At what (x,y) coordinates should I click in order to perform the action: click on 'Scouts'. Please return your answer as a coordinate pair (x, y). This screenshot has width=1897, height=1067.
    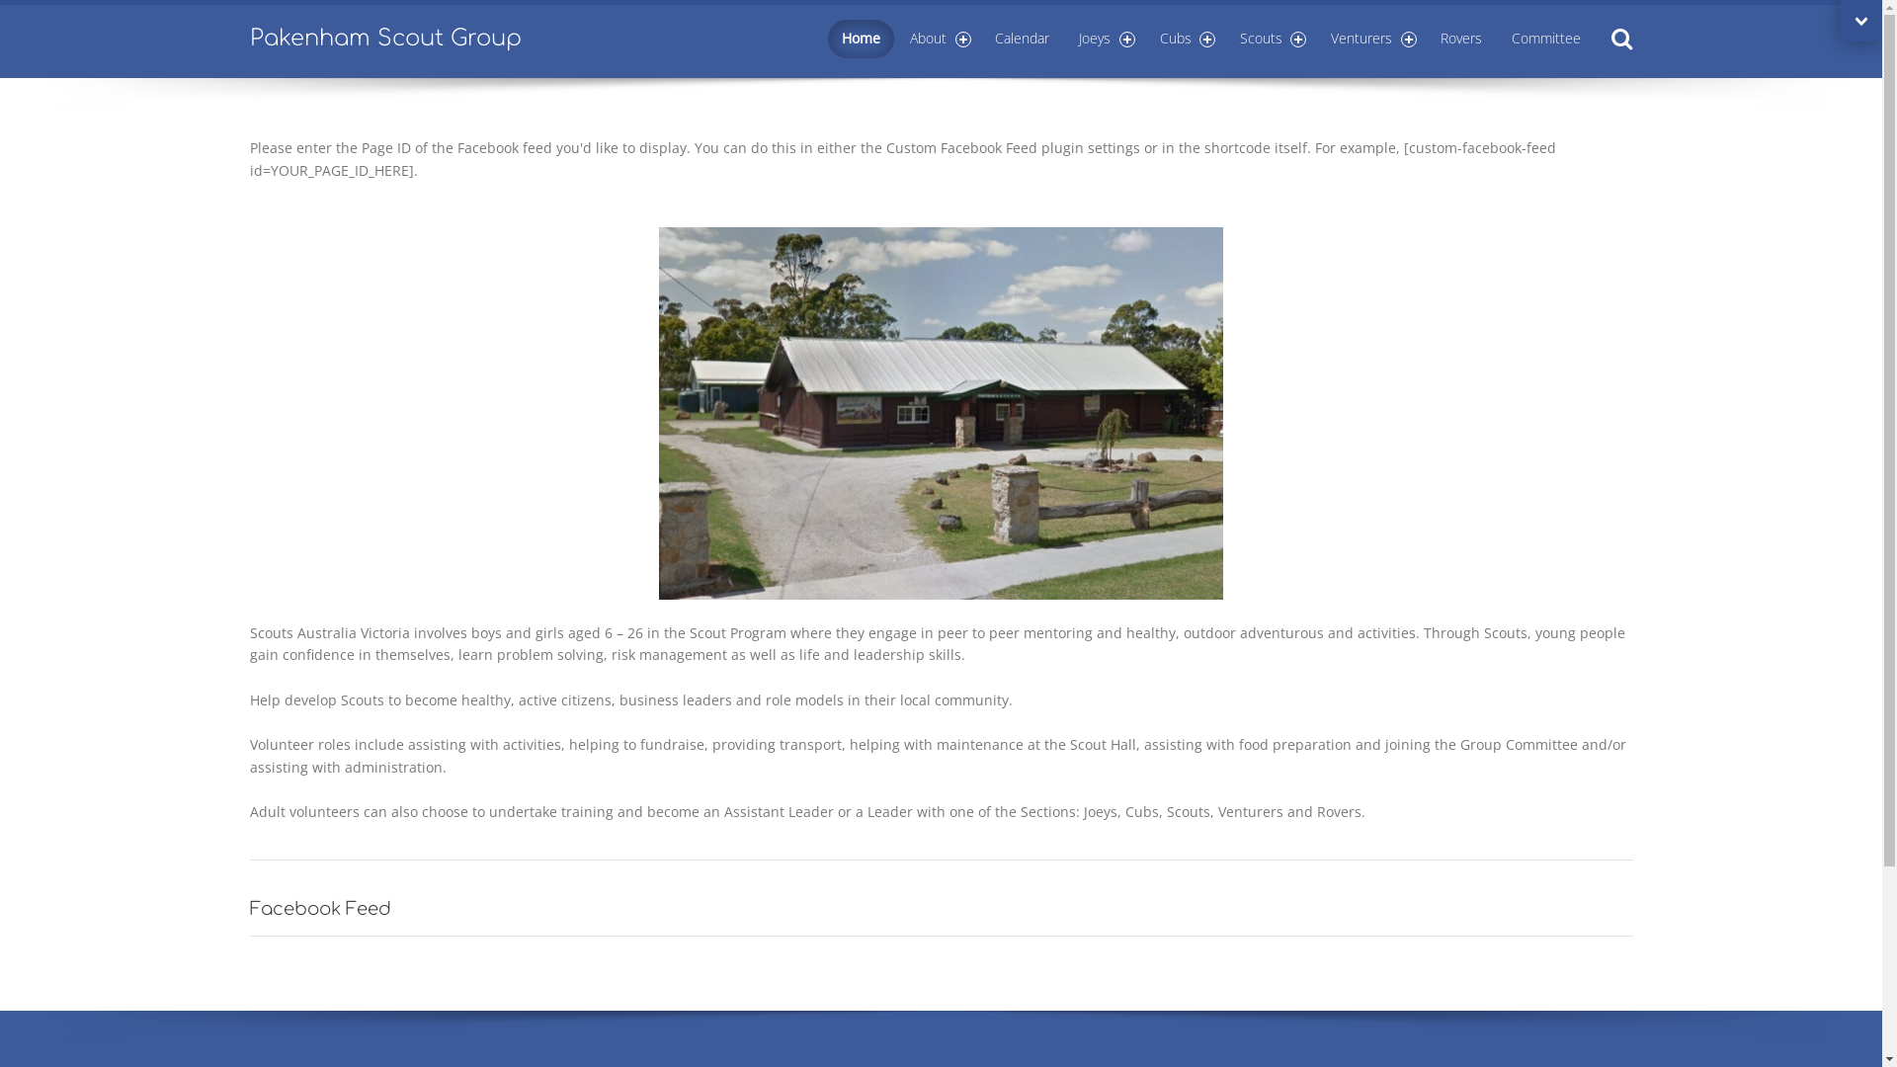
    Looking at the image, I should click on (1271, 39).